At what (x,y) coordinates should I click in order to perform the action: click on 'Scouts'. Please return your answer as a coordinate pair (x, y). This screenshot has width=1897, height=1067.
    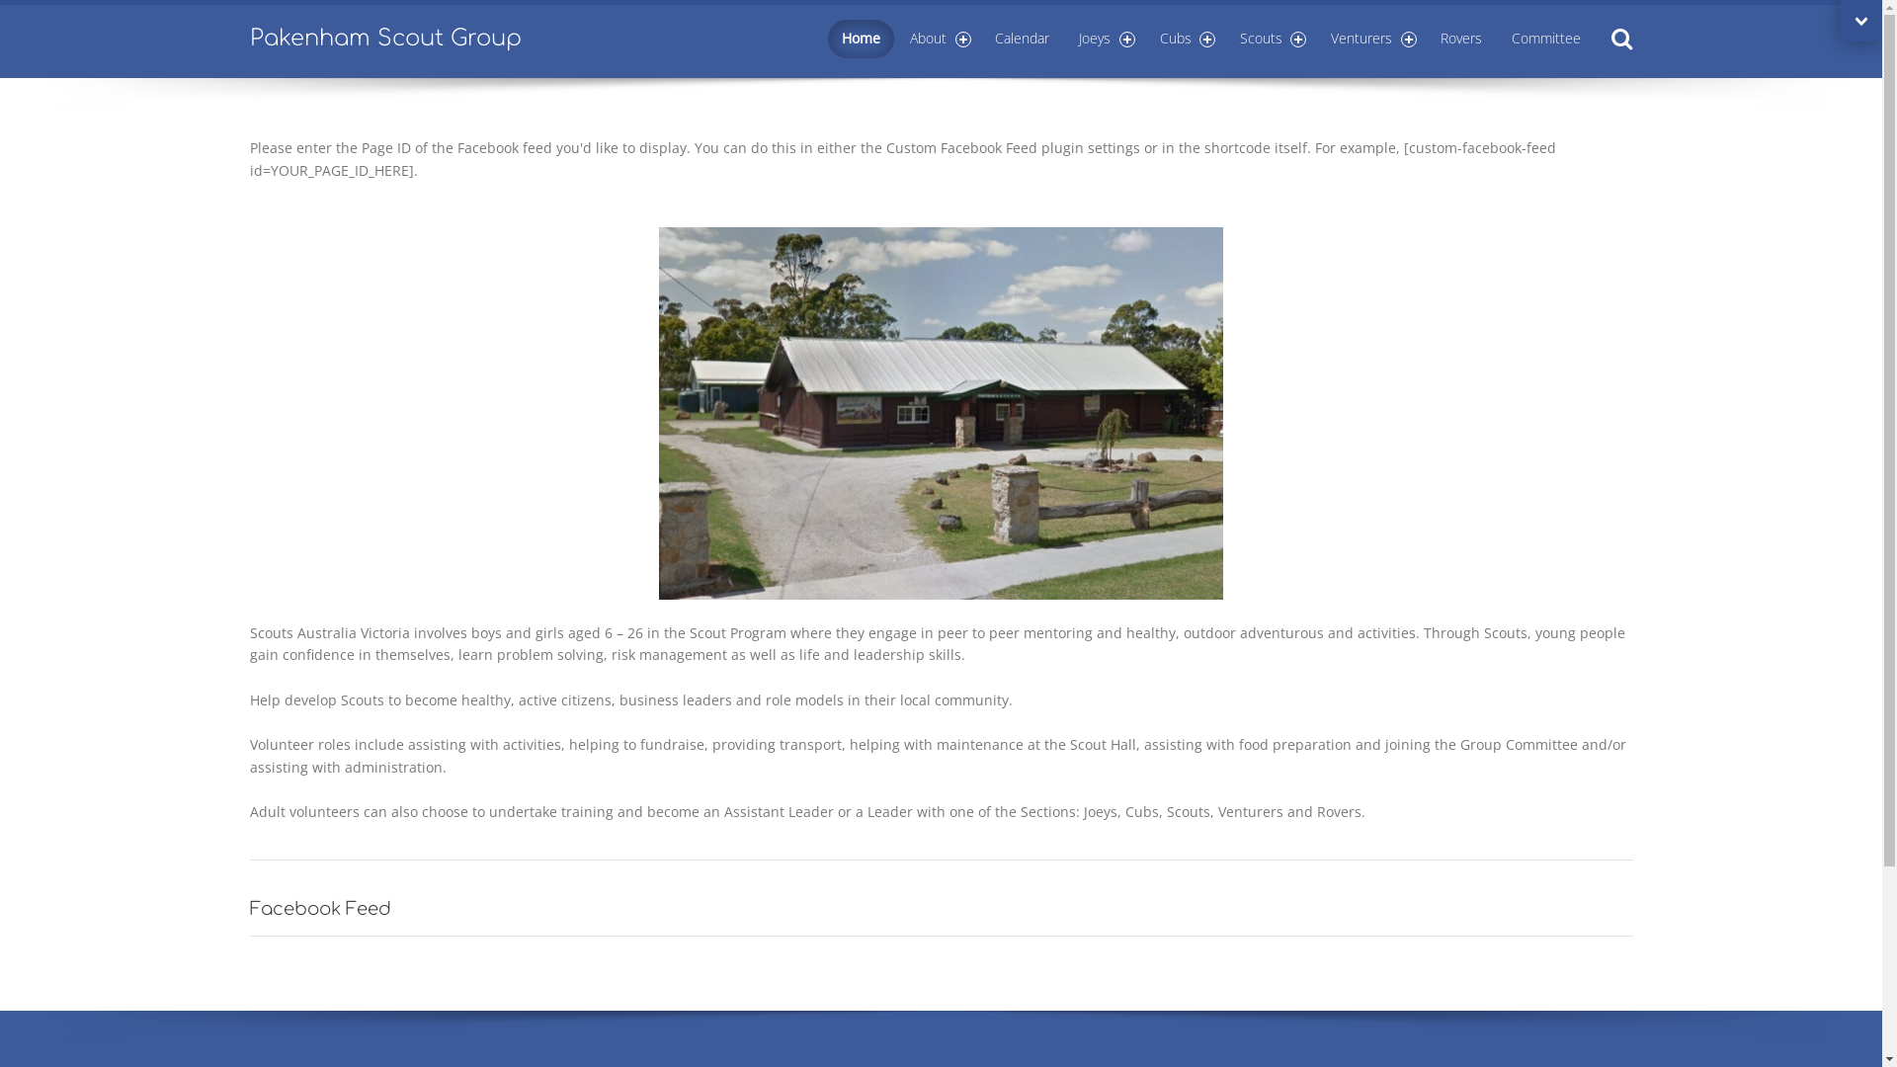
    Looking at the image, I should click on (1271, 39).